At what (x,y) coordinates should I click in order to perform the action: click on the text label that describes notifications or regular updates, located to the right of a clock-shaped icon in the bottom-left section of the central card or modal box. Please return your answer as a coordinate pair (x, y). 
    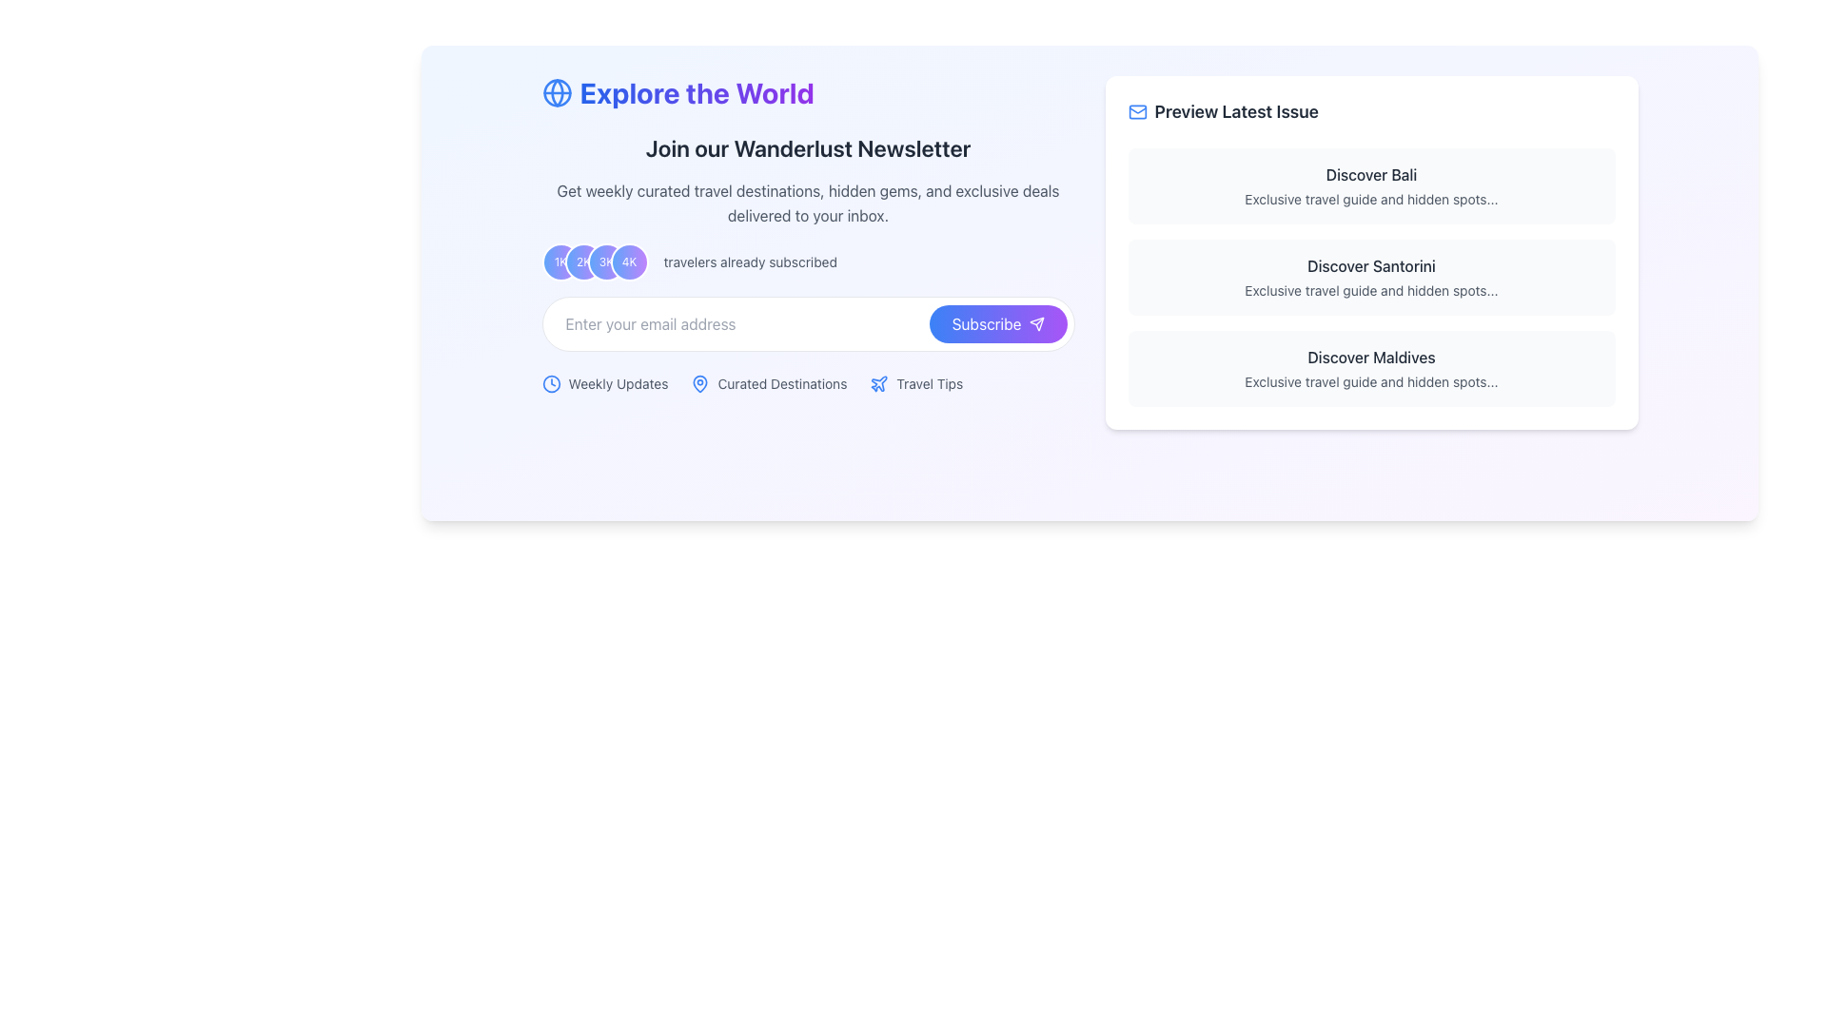
    Looking at the image, I should click on (618, 384).